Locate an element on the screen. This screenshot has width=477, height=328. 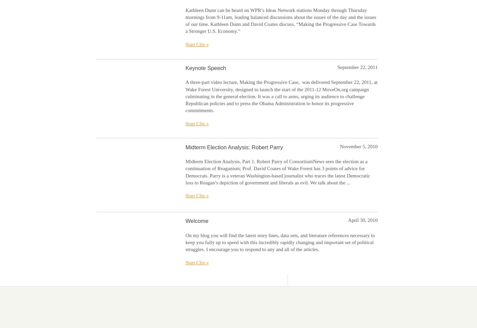
'November 5, 2010' is located at coordinates (358, 146).